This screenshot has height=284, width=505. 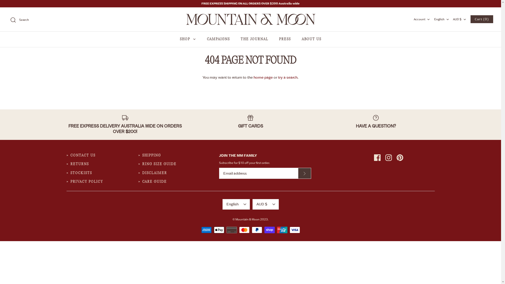 I want to click on 'THE JOURNAL', so click(x=254, y=39).